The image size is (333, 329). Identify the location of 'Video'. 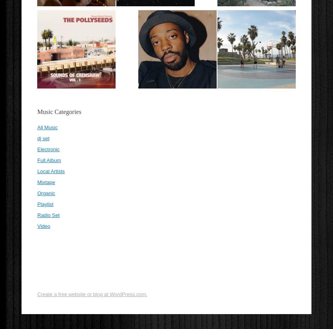
(43, 226).